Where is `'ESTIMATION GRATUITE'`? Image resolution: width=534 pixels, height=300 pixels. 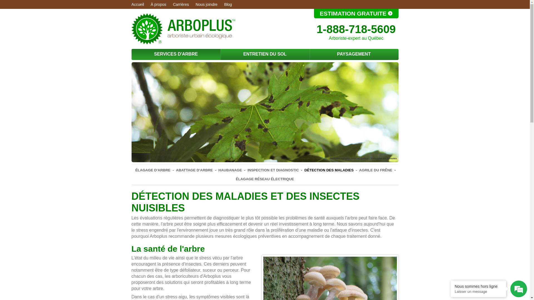
'ESTIMATION GRATUITE' is located at coordinates (356, 13).